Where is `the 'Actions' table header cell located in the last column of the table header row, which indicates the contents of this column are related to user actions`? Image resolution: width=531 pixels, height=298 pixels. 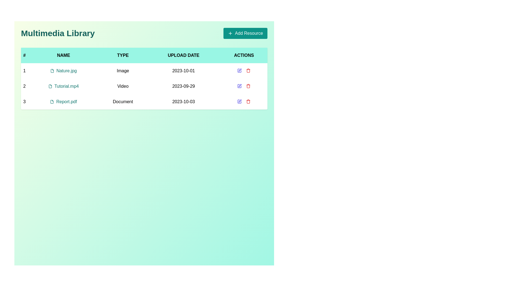
the 'Actions' table header cell located in the last column of the table header row, which indicates the contents of this column are related to user actions is located at coordinates (244, 55).